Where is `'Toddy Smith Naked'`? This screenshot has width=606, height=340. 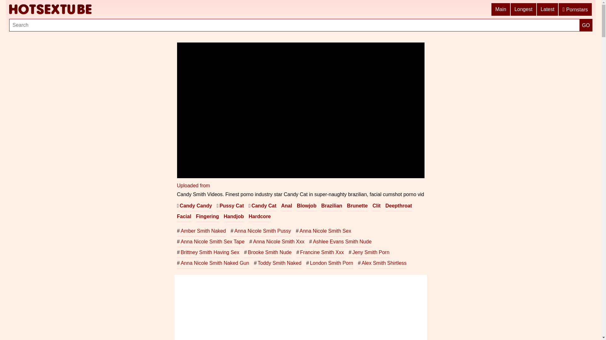
'Toddy Smith Naked' is located at coordinates (277, 263).